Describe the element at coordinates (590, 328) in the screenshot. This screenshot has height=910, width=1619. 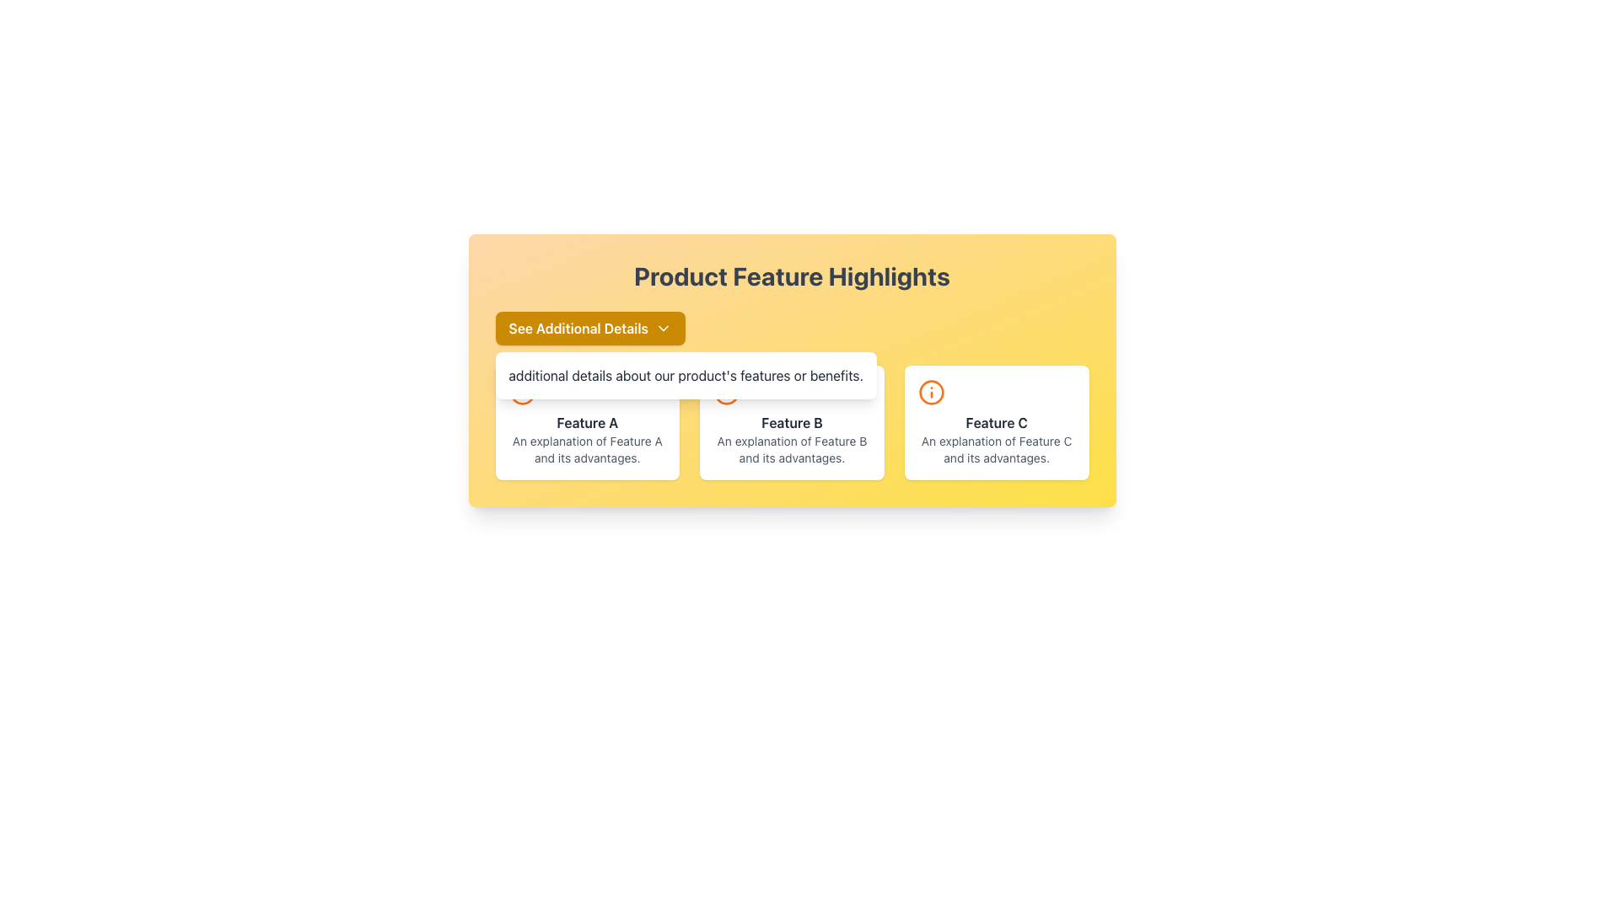
I see `the rounded rectangular button with a yellow background and white text reading 'See Additional Details'` at that location.